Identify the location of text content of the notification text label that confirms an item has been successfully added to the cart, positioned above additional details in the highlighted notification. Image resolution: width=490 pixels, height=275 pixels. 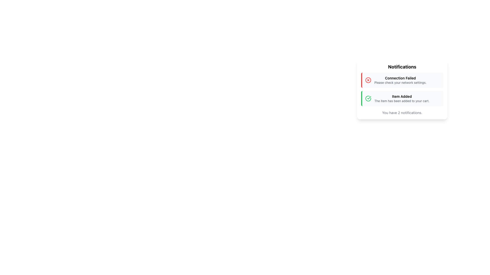
(401, 96).